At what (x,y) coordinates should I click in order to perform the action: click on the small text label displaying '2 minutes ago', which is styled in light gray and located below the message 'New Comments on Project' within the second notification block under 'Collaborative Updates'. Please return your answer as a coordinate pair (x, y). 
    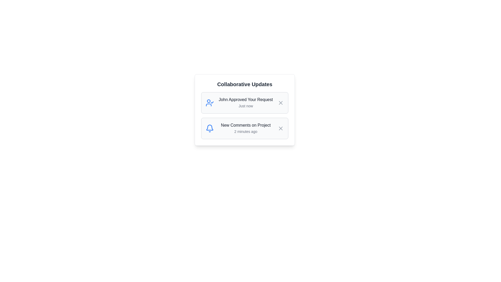
    Looking at the image, I should click on (245, 131).